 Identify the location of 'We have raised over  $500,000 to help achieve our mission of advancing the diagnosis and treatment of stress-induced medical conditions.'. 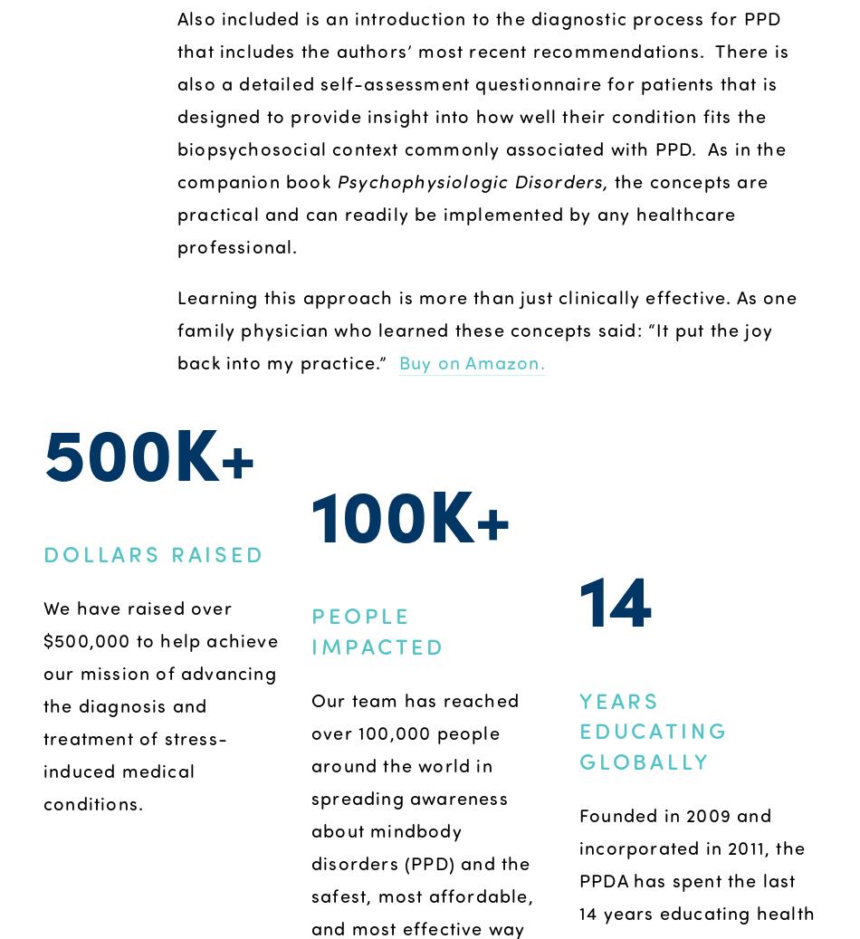
(43, 704).